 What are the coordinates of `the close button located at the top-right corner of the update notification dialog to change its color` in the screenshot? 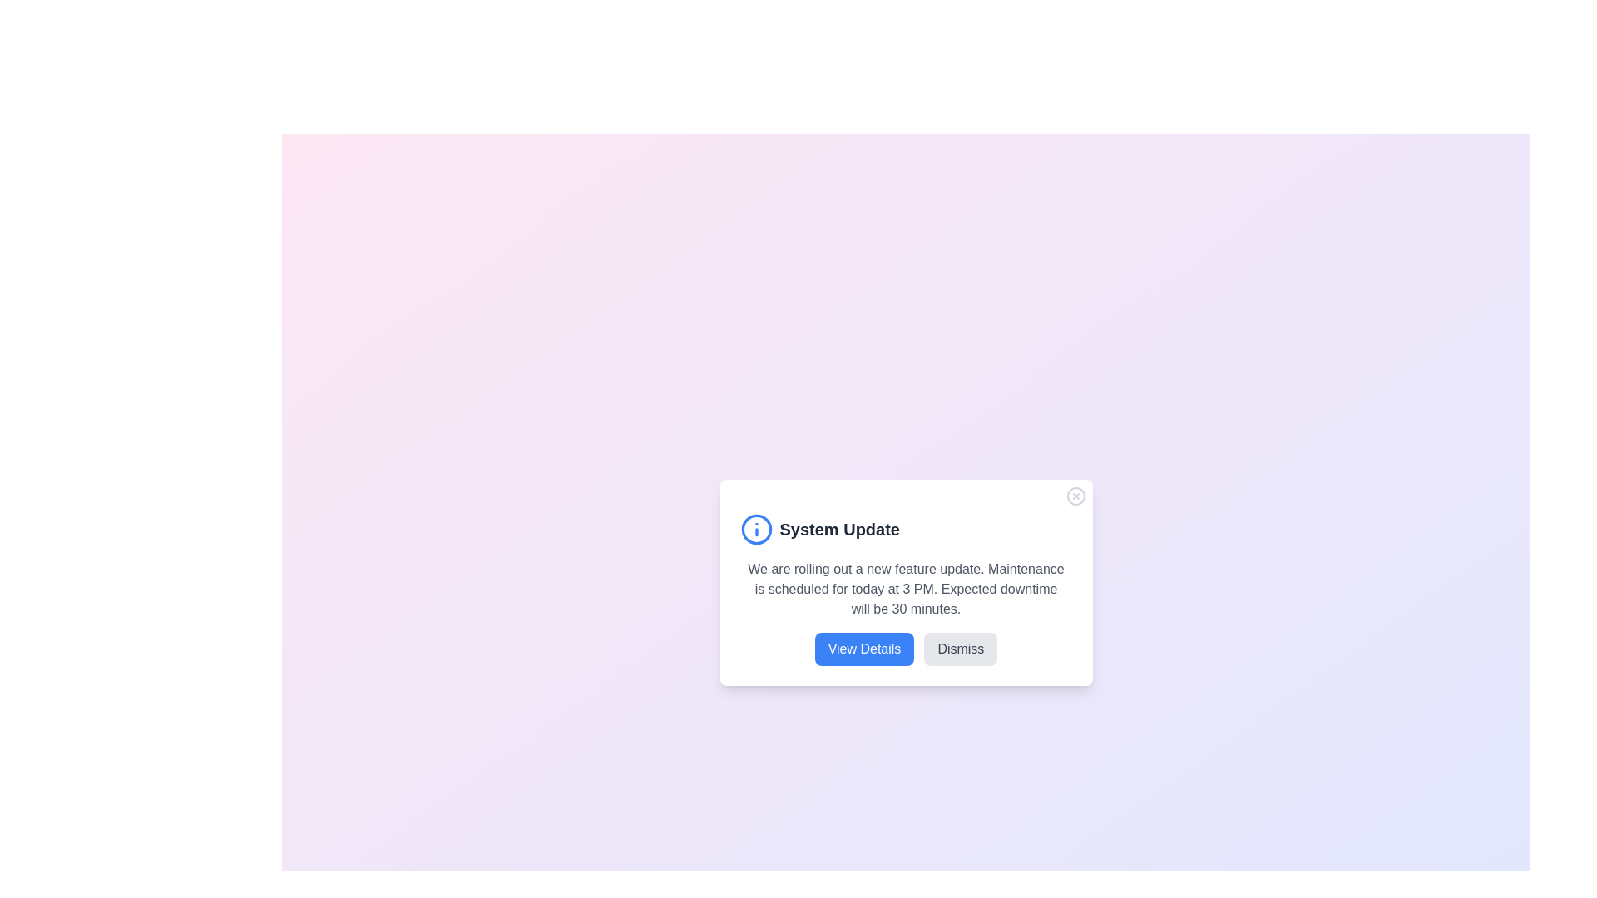 It's located at (1075, 496).